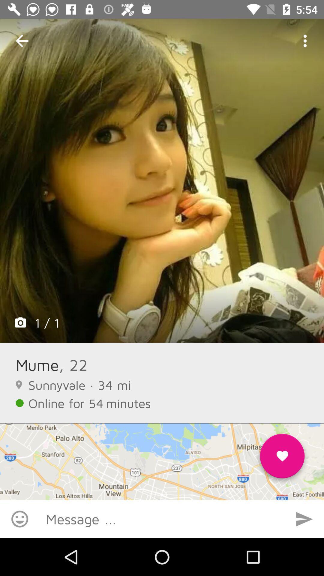 The width and height of the screenshot is (324, 576). I want to click on type message, so click(162, 518).